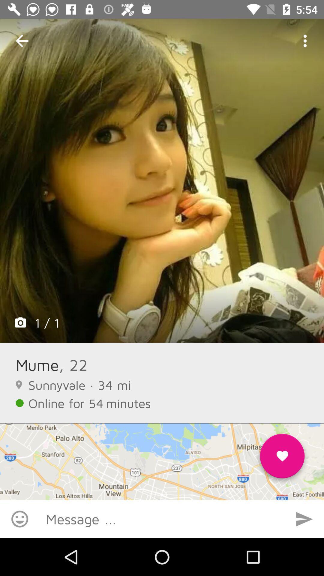 The width and height of the screenshot is (324, 576). I want to click on type message, so click(162, 518).